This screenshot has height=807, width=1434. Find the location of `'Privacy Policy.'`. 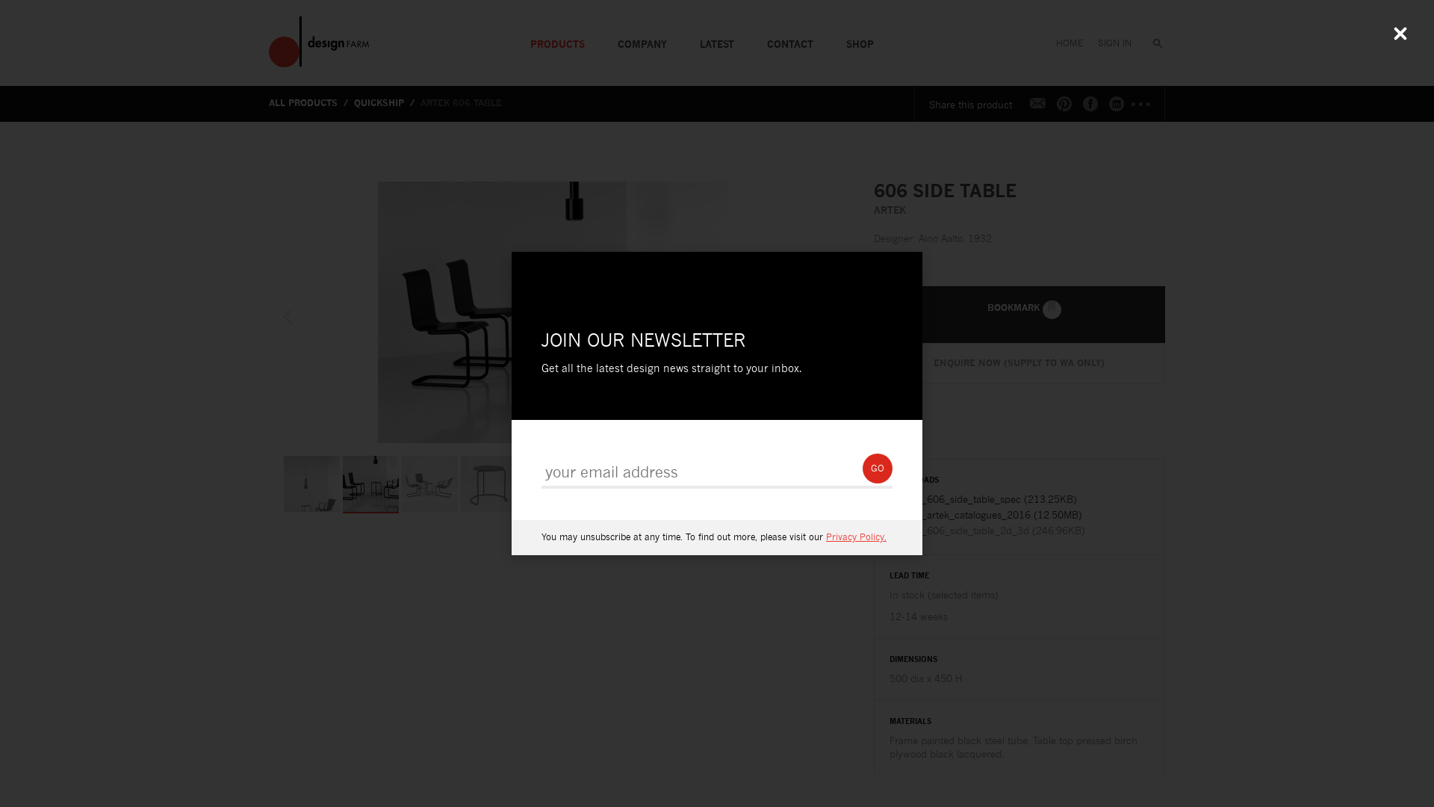

'Privacy Policy.' is located at coordinates (856, 536).